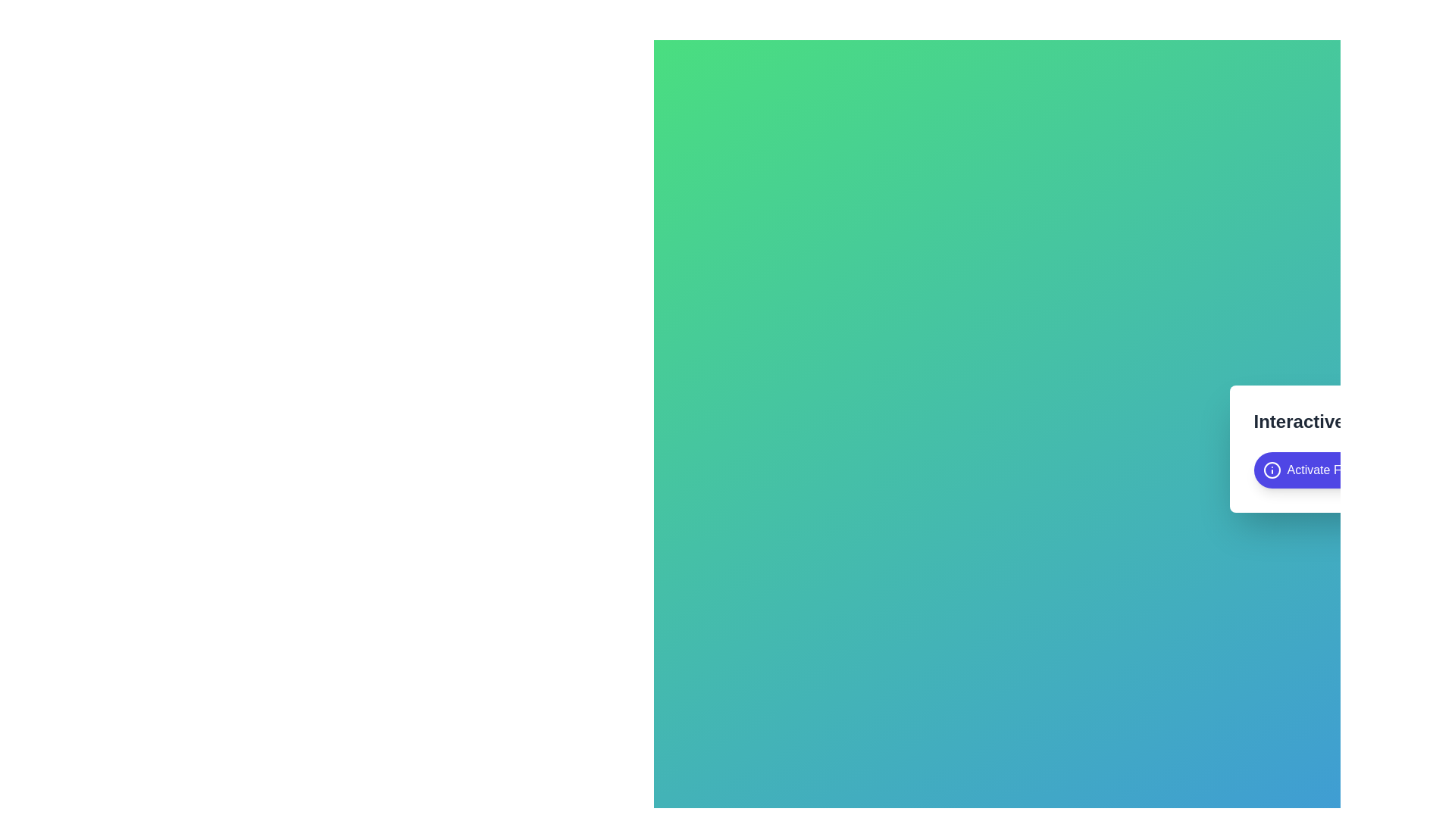 Image resolution: width=1455 pixels, height=818 pixels. What do you see at coordinates (1272, 470) in the screenshot?
I see `the circular 'info' icon with a blue border located to the left of the 'Activate Feature' button for detailed explanations` at bounding box center [1272, 470].